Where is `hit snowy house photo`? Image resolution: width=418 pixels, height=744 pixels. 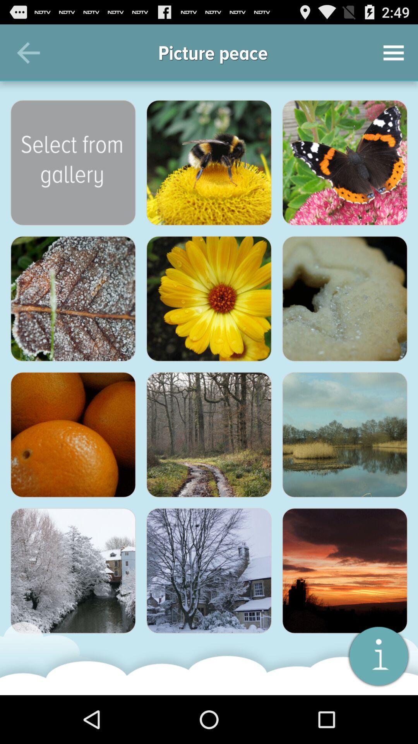
hit snowy house photo is located at coordinates (209, 571).